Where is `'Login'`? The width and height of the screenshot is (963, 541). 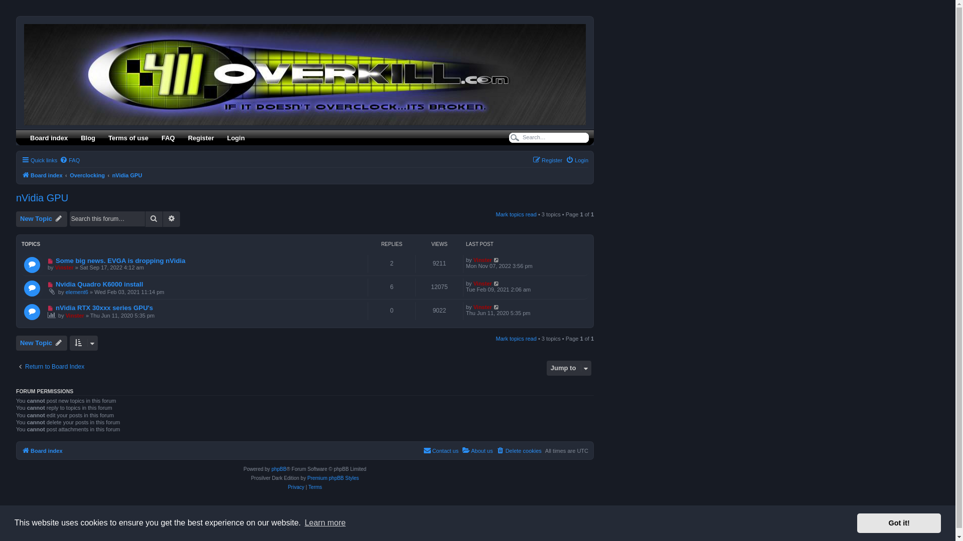 'Login' is located at coordinates (220, 137).